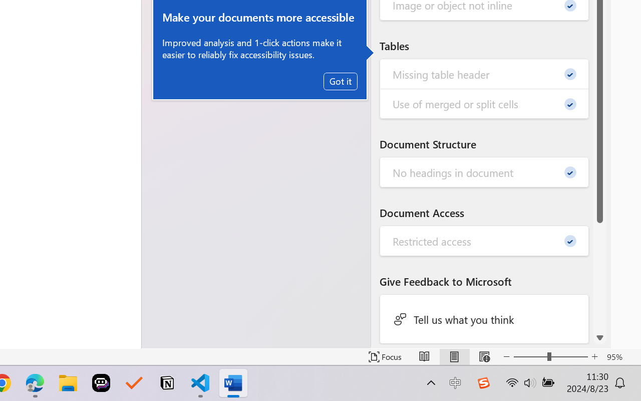  Describe the element at coordinates (484, 241) in the screenshot. I see `'Restricted access - 0'` at that location.